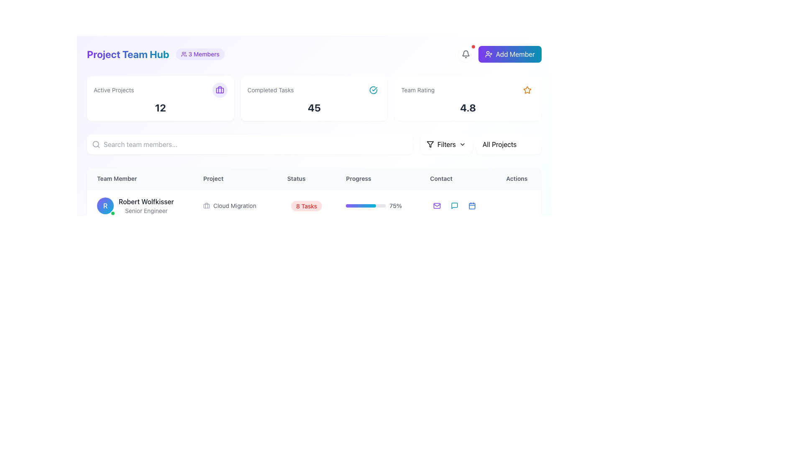 The image size is (803, 451). Describe the element at coordinates (527, 90) in the screenshot. I see `the amber star icon within a circular background located in the 'Team Rating' section, positioned to the right of the rating text ('4.8')` at that location.